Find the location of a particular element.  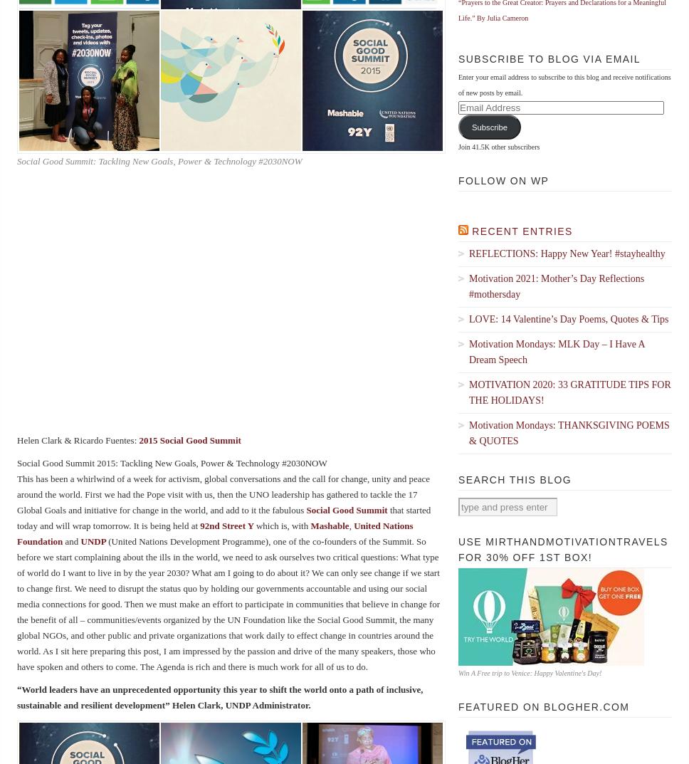

'which is, with' is located at coordinates (256, 525).